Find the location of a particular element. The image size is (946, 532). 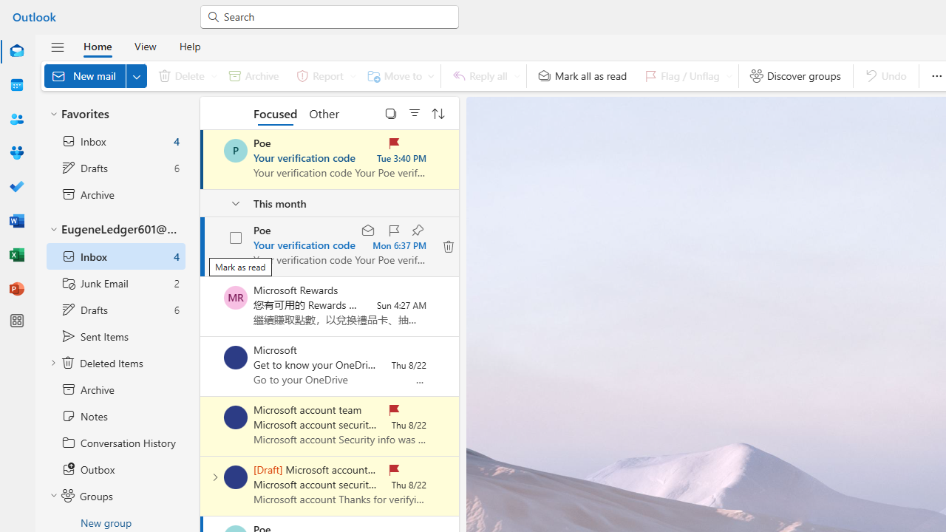

'More apps' is located at coordinates (17, 320).